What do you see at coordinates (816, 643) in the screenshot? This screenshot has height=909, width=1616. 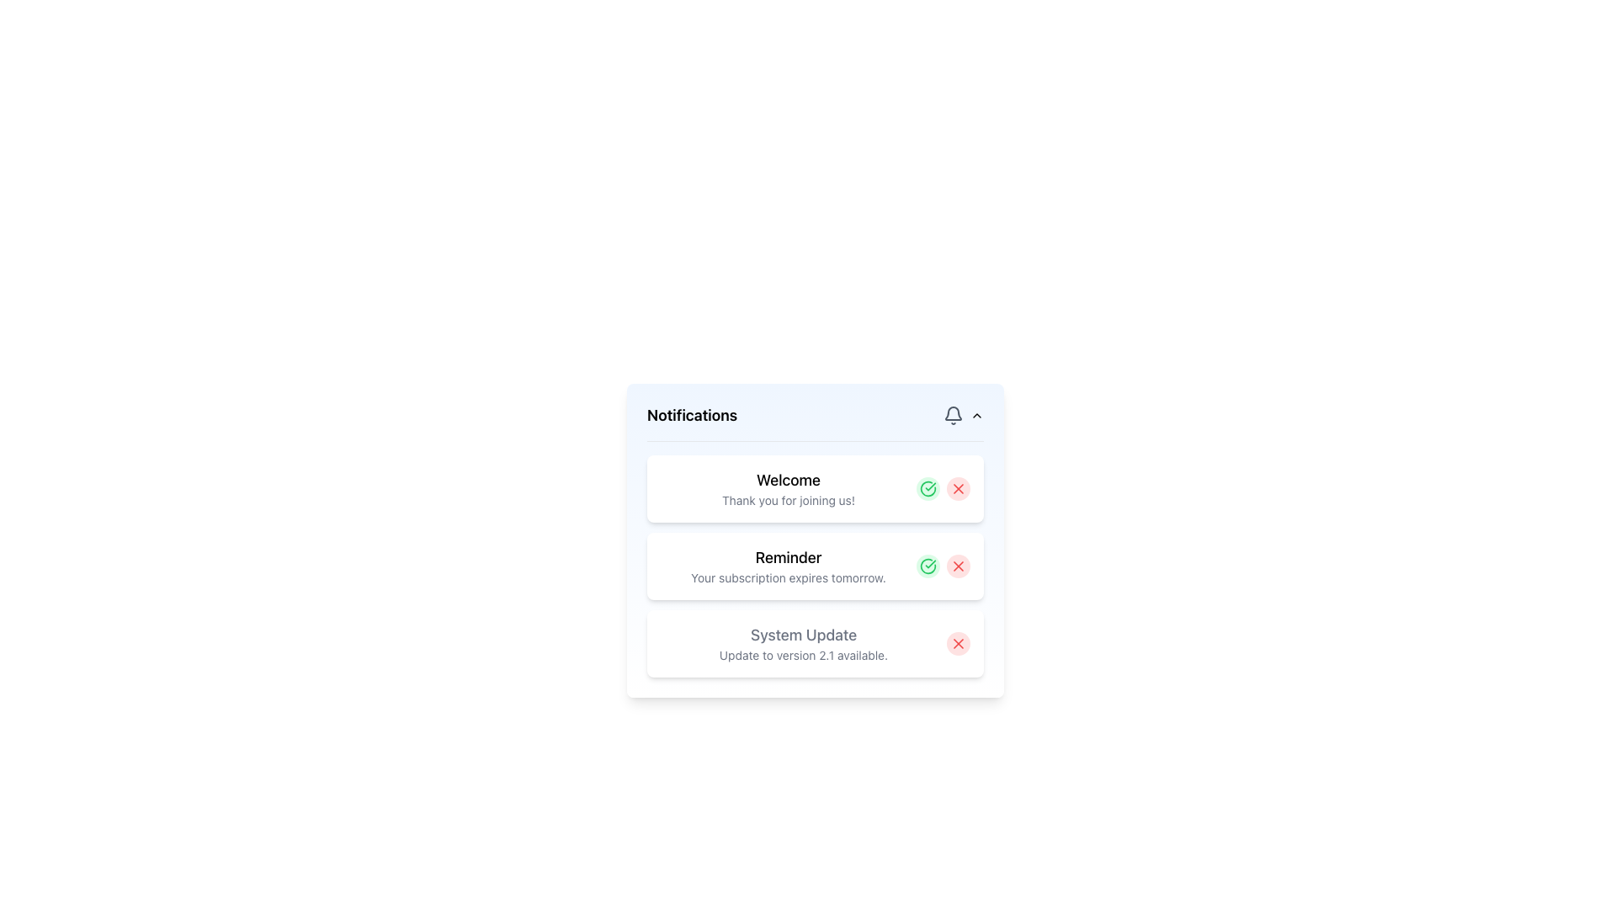 I see `the third Informational Notification Box displaying 'System Update' with the subtext 'Update to version 2.1 available.'` at bounding box center [816, 643].